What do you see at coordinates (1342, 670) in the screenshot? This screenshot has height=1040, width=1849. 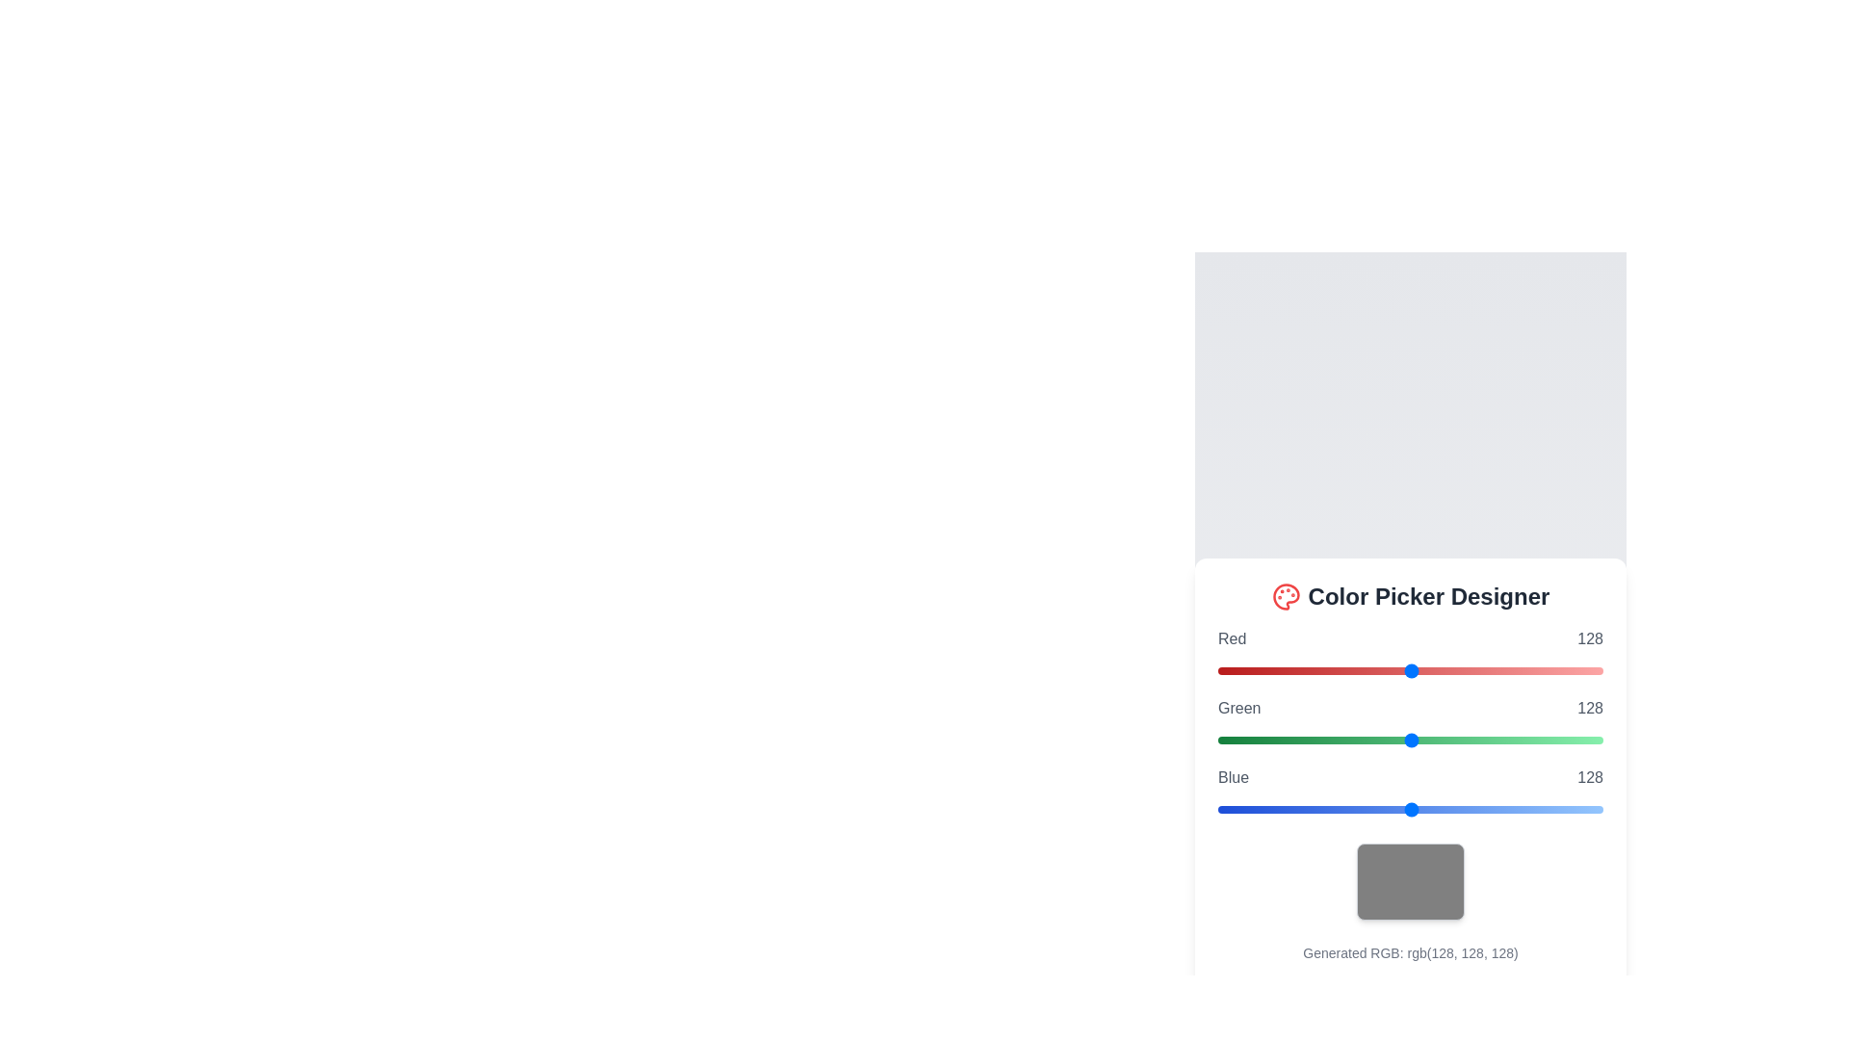 I see `the red color slider to set the value to 83` at bounding box center [1342, 670].